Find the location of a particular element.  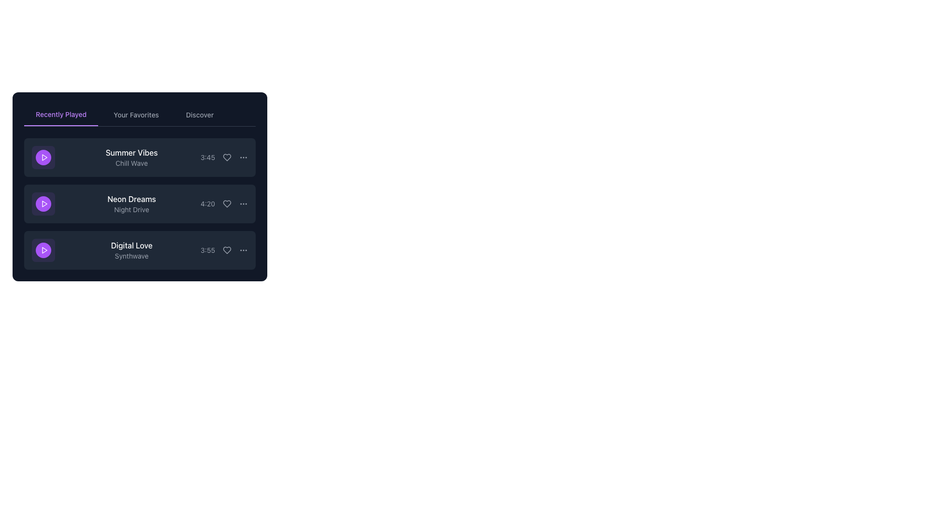

the time display label showing '3:55', which is styled in gray and located to the right of the track details for the song 'Digital Love' is located at coordinates (224, 249).